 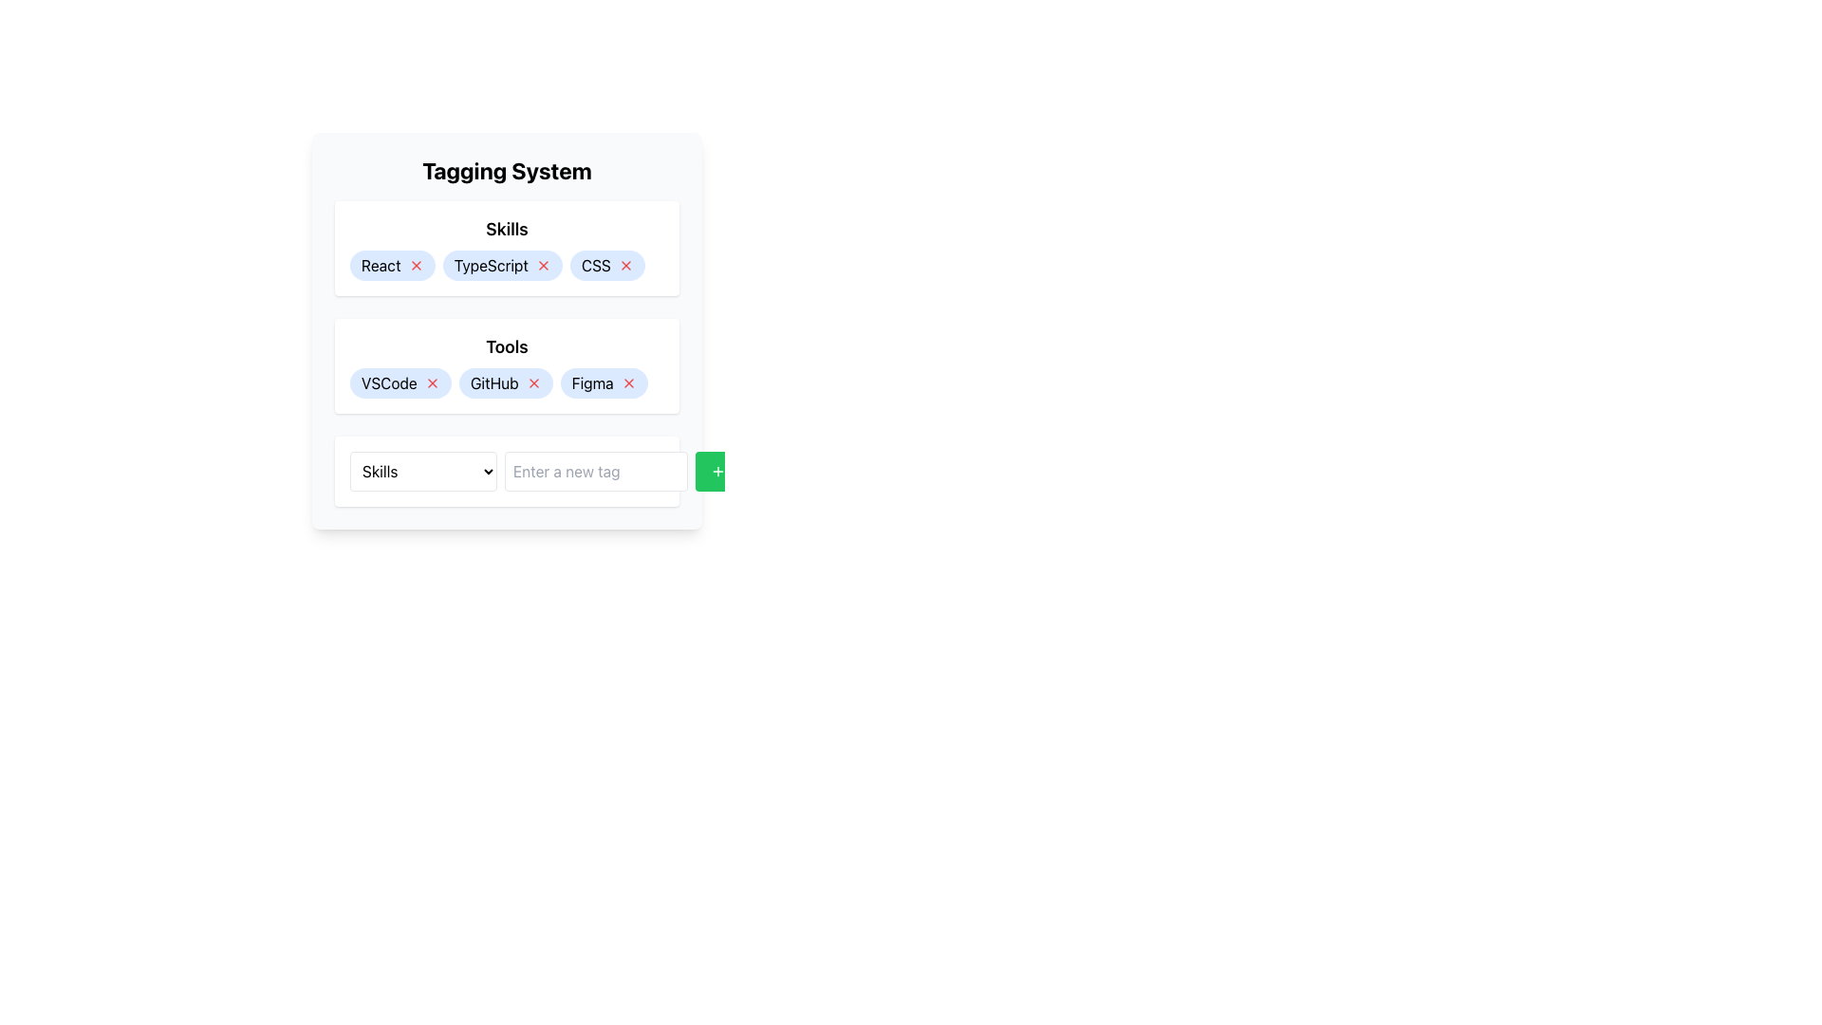 I want to click on the text label displaying 'GitHub' which is located in the Tools section of the tagging interface, adjacent to other tags like 'VSCode' and 'Figma', so click(x=494, y=383).